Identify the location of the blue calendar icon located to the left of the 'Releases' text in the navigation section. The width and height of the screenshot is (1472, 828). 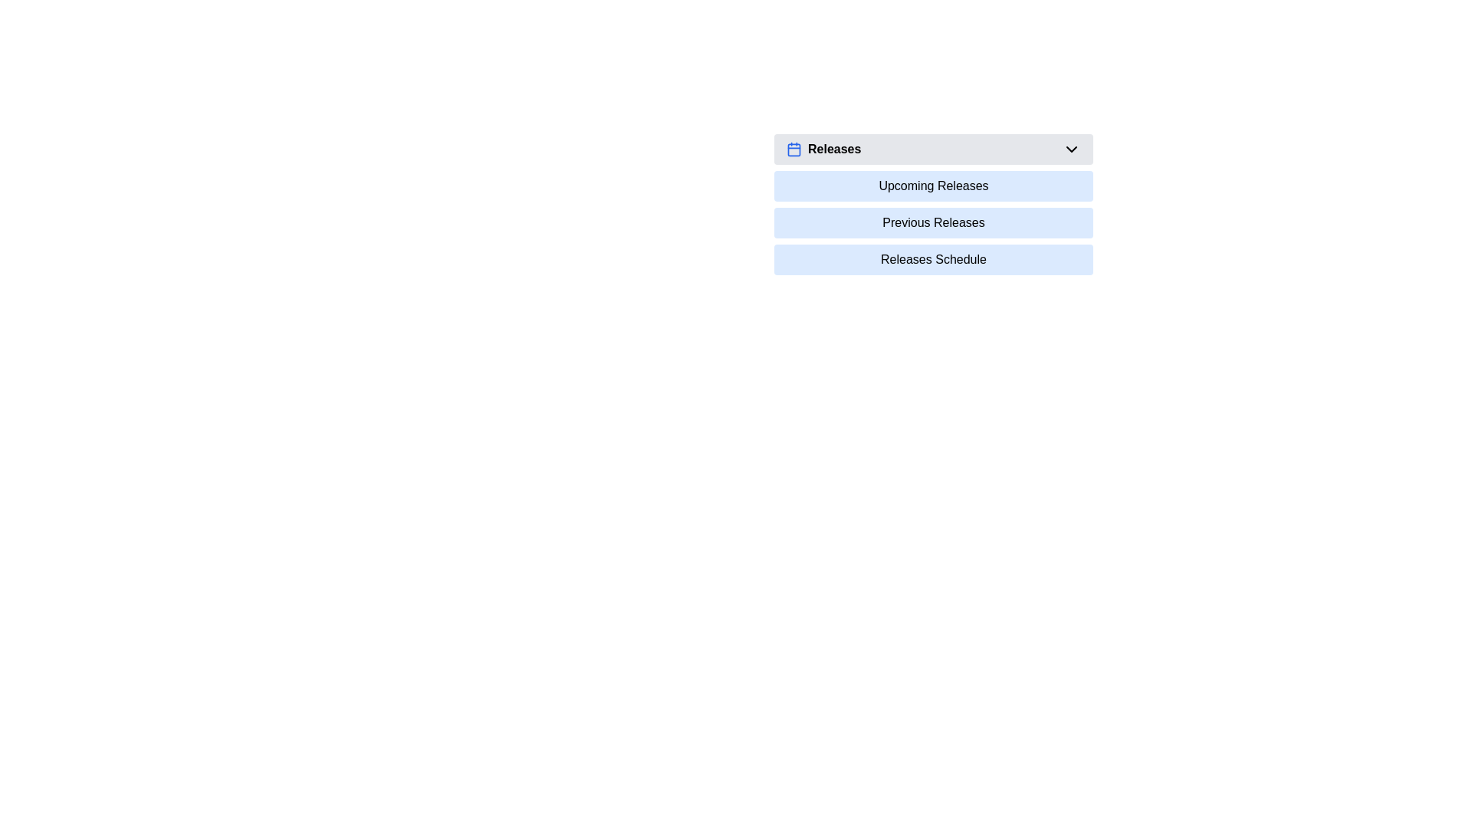
(794, 149).